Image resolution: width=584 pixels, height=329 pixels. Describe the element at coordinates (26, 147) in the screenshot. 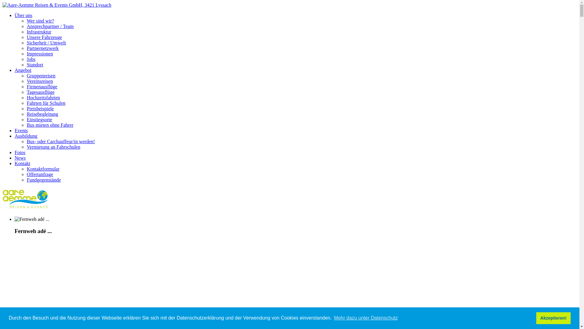

I see `'Vermietung an Fahrschulen'` at that location.